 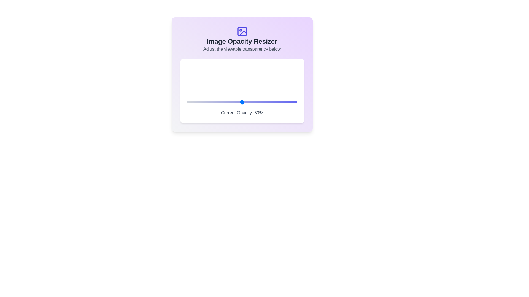 I want to click on the slider to set the opacity to 38%, so click(x=229, y=102).